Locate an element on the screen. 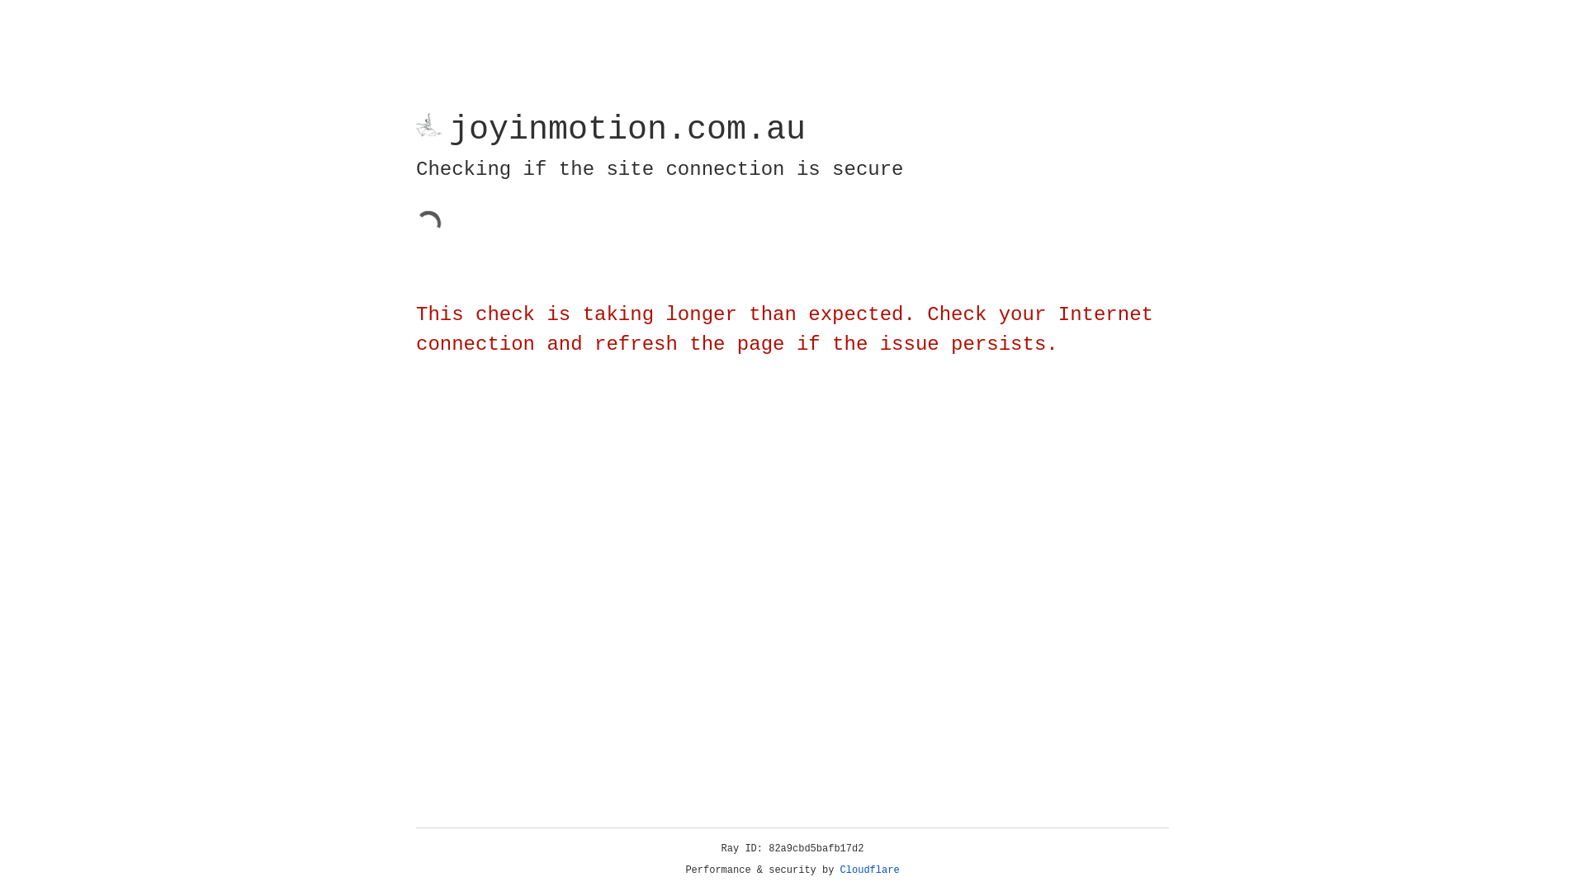 Image resolution: width=1585 pixels, height=891 pixels. 'Cloudflare' is located at coordinates (840, 870).